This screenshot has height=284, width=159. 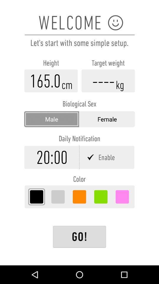 I want to click on pink colour button, so click(x=122, y=197).